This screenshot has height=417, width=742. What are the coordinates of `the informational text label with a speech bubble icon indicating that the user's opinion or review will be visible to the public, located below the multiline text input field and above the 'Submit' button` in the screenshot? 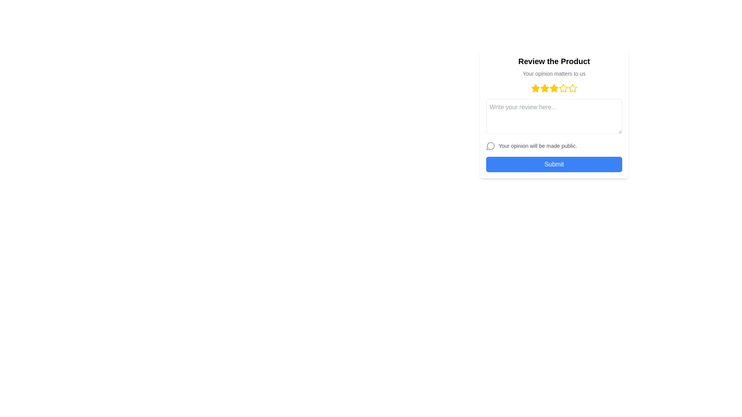 It's located at (554, 146).